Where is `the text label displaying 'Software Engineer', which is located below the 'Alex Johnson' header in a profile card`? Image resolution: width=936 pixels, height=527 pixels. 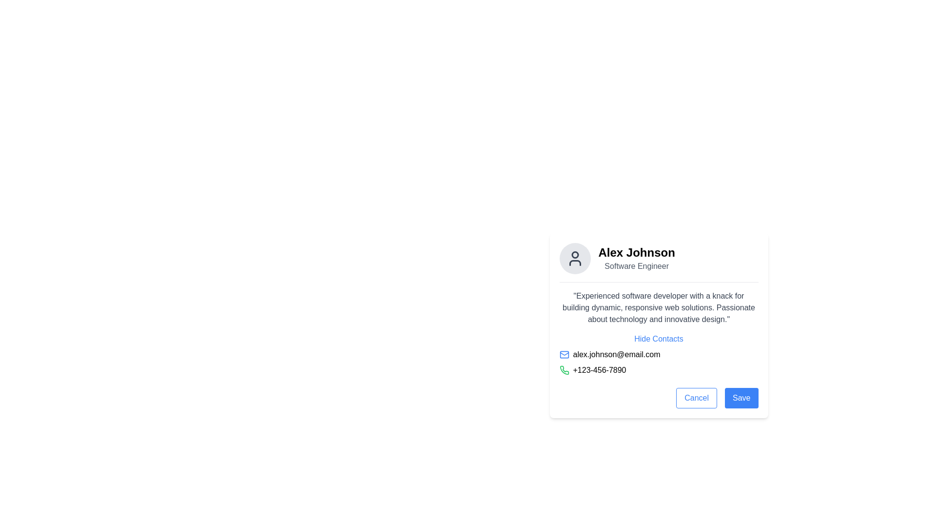 the text label displaying 'Software Engineer', which is located below the 'Alex Johnson' header in a profile card is located at coordinates (637, 266).